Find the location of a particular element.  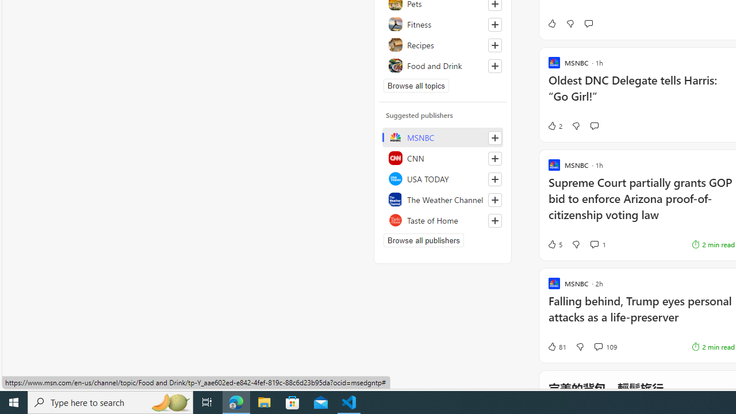

'Follow this source' is located at coordinates (494, 221).